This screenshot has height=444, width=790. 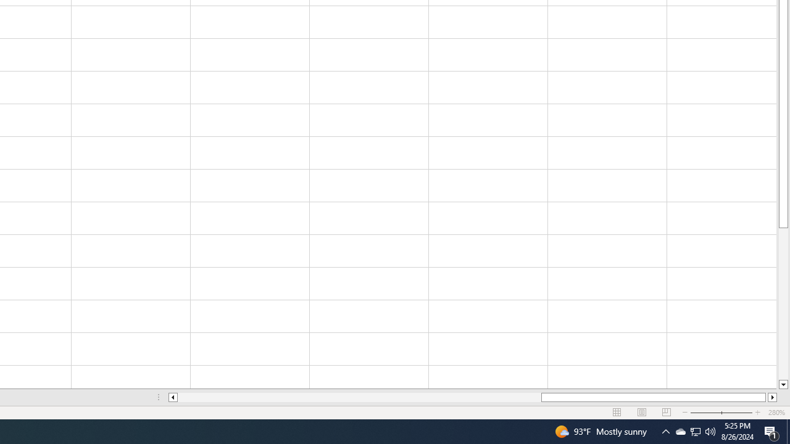 What do you see at coordinates (772, 397) in the screenshot?
I see `'Column right'` at bounding box center [772, 397].